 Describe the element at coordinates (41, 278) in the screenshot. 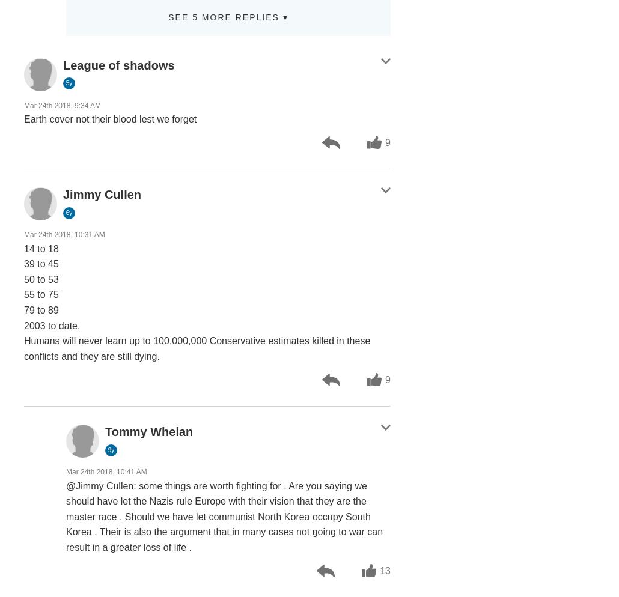

I see `'50 to 53'` at that location.